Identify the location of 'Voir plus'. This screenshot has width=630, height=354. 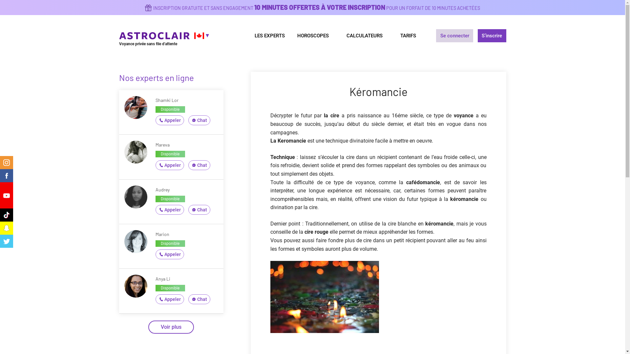
(171, 327).